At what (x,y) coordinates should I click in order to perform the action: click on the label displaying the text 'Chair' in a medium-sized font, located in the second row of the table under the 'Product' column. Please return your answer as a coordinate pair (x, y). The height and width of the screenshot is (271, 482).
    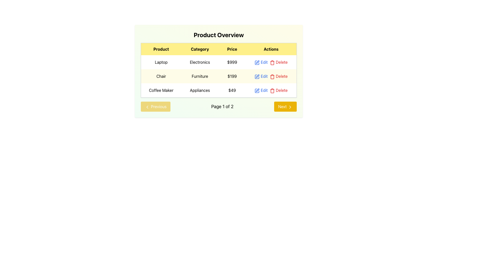
    Looking at the image, I should click on (161, 76).